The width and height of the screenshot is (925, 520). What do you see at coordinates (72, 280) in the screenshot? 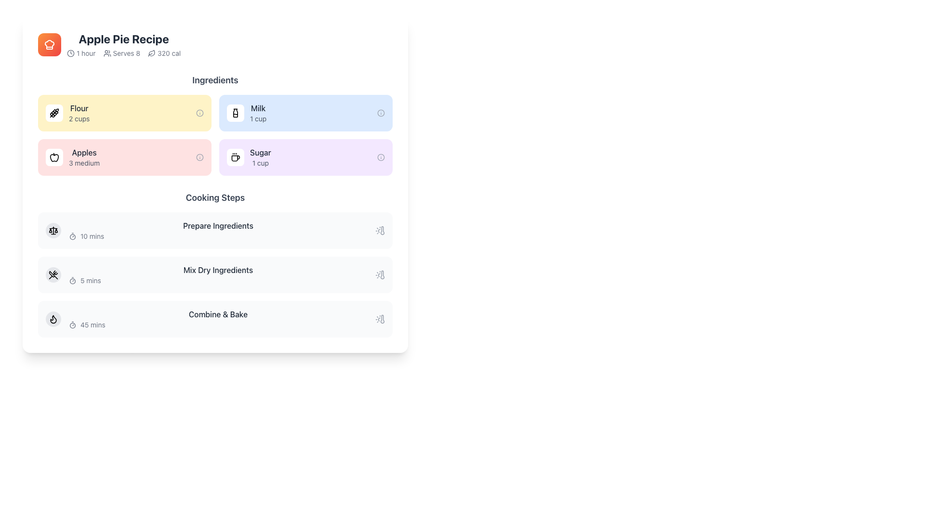
I see `the Timer Icon, which is a small circular icon resembling a timer or stopwatch, located to the left of the text '5 mins' in the 'Cooking Steps' section under the step 'Mix Dry Ingredients'` at bounding box center [72, 280].